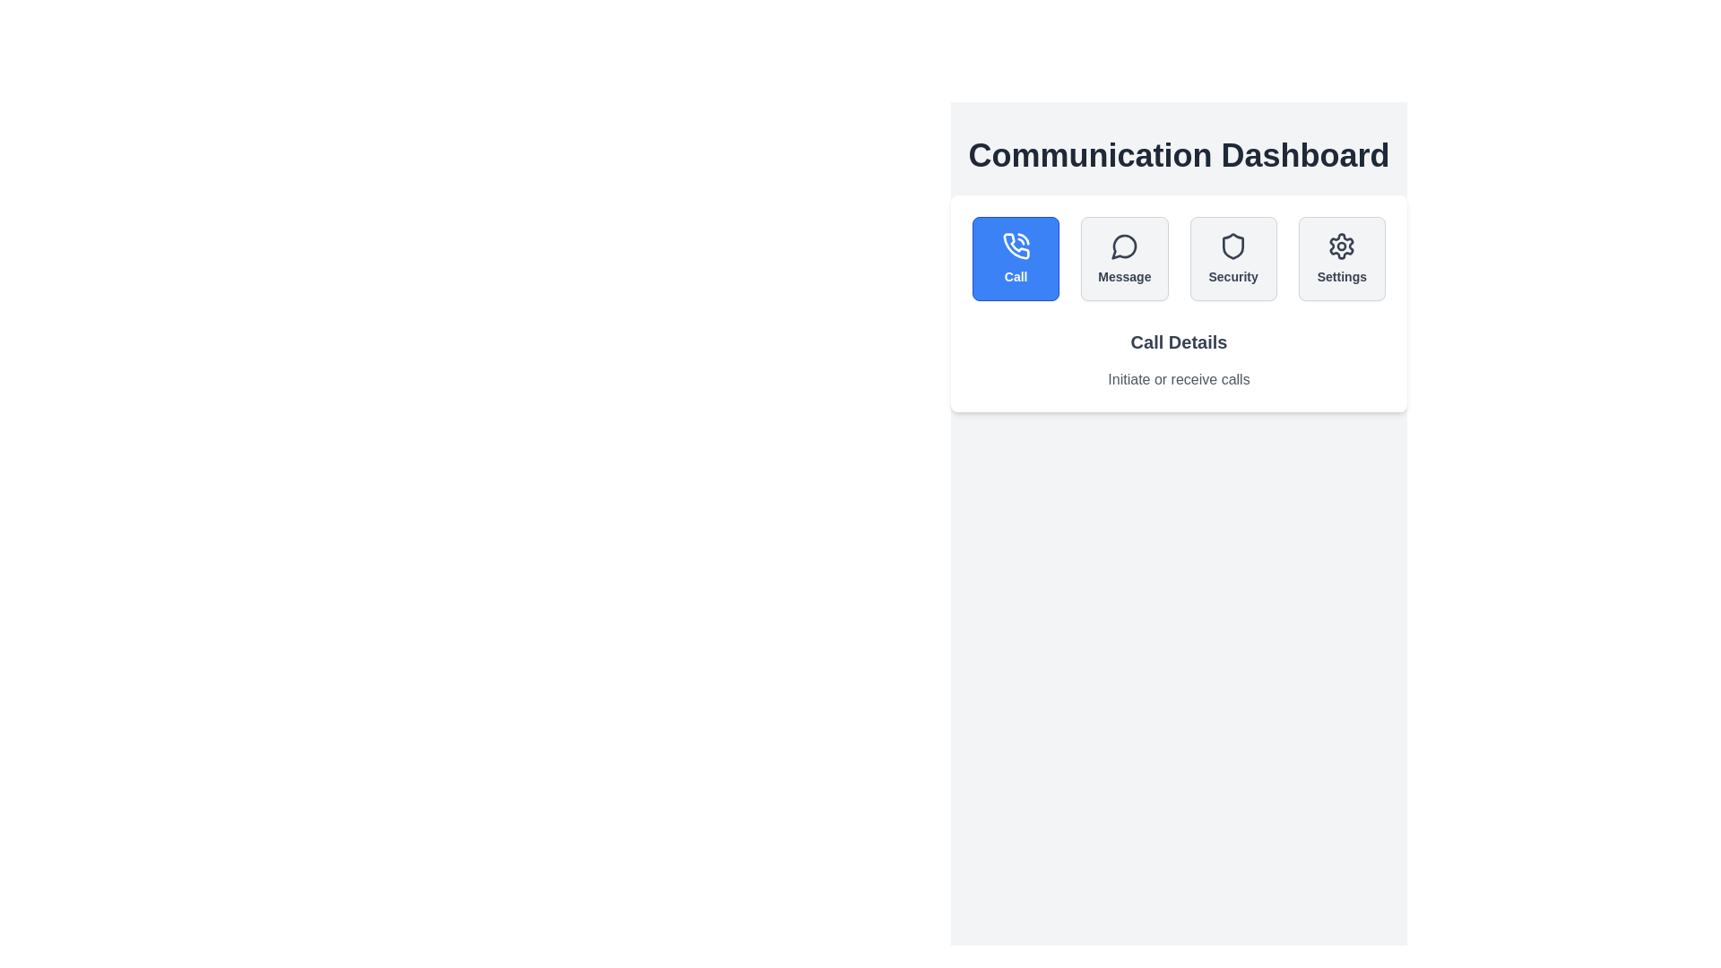  What do you see at coordinates (1232, 246) in the screenshot?
I see `the shield-shaped icon within the 'Security' button` at bounding box center [1232, 246].